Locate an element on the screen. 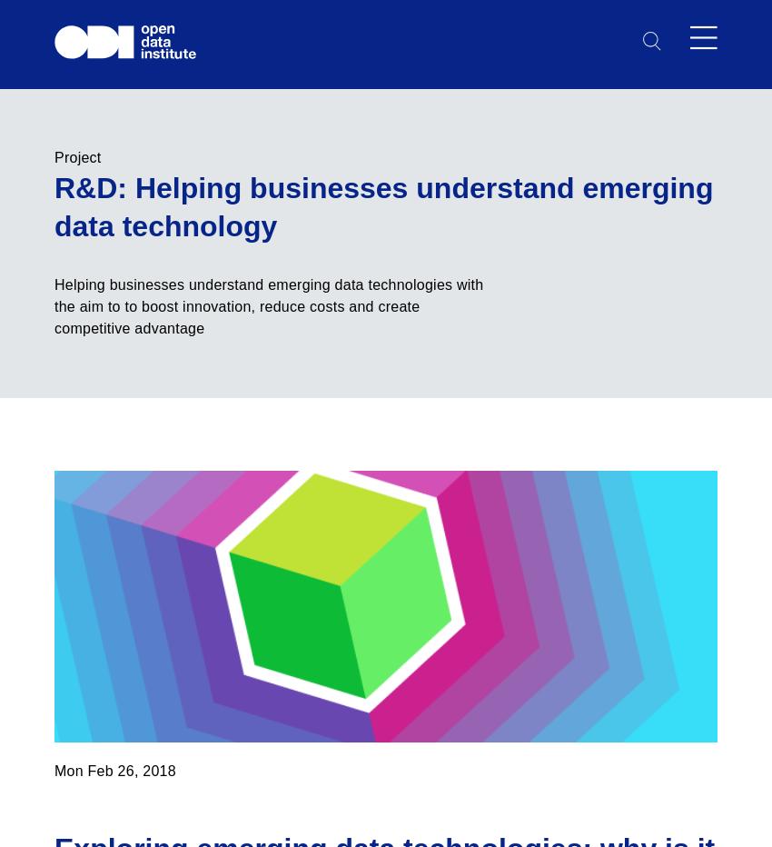  'The role of data in artificial intelligence' is located at coordinates (182, 578).